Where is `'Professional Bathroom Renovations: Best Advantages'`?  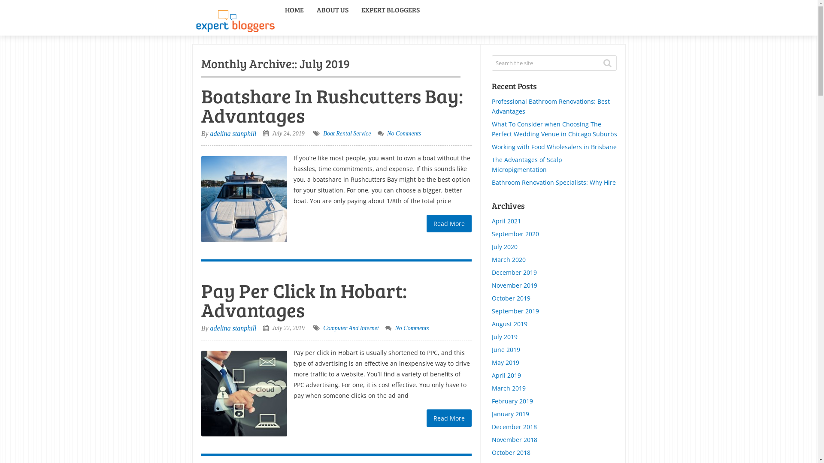 'Professional Bathroom Renovations: Best Advantages' is located at coordinates (551, 105).